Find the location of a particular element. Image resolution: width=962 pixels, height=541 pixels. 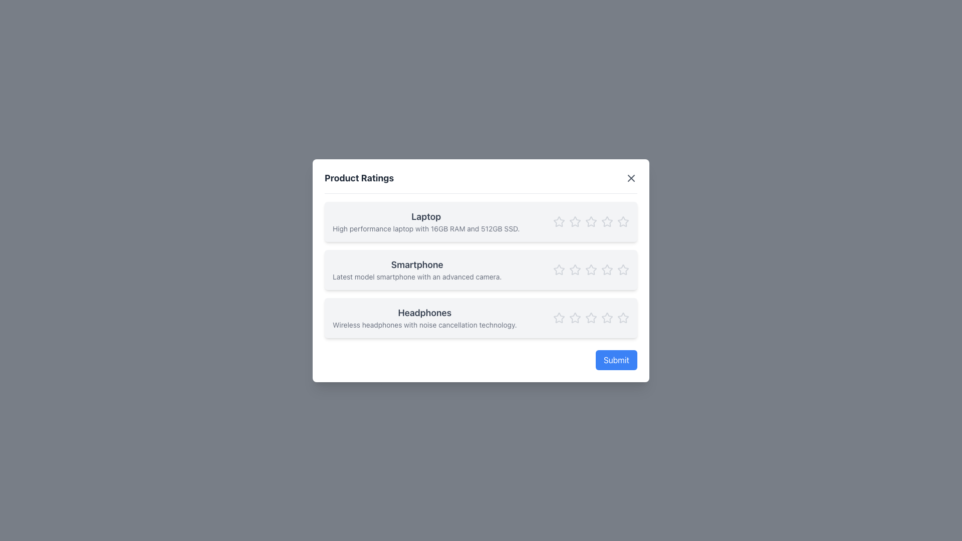

the first star-shaped icon in the rating system for the 'Headphones' product to set a 1-star rating is located at coordinates (558, 317).